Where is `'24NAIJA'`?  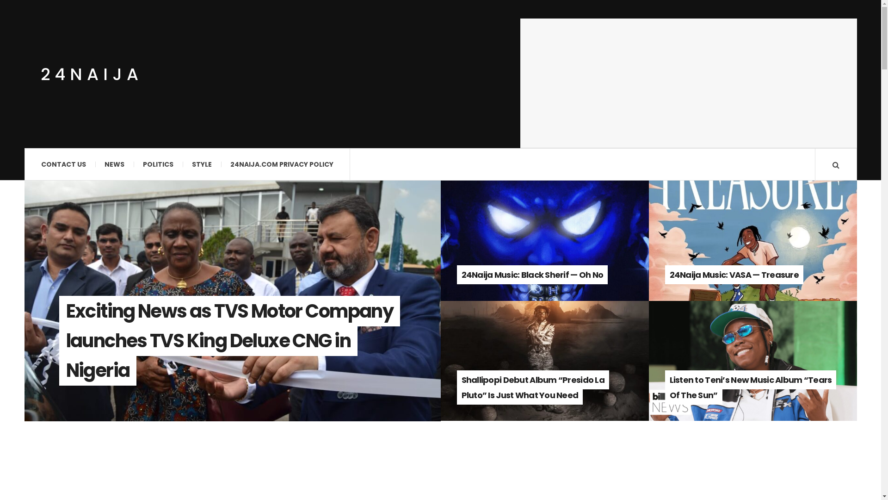
'24NAIJA' is located at coordinates (40, 73).